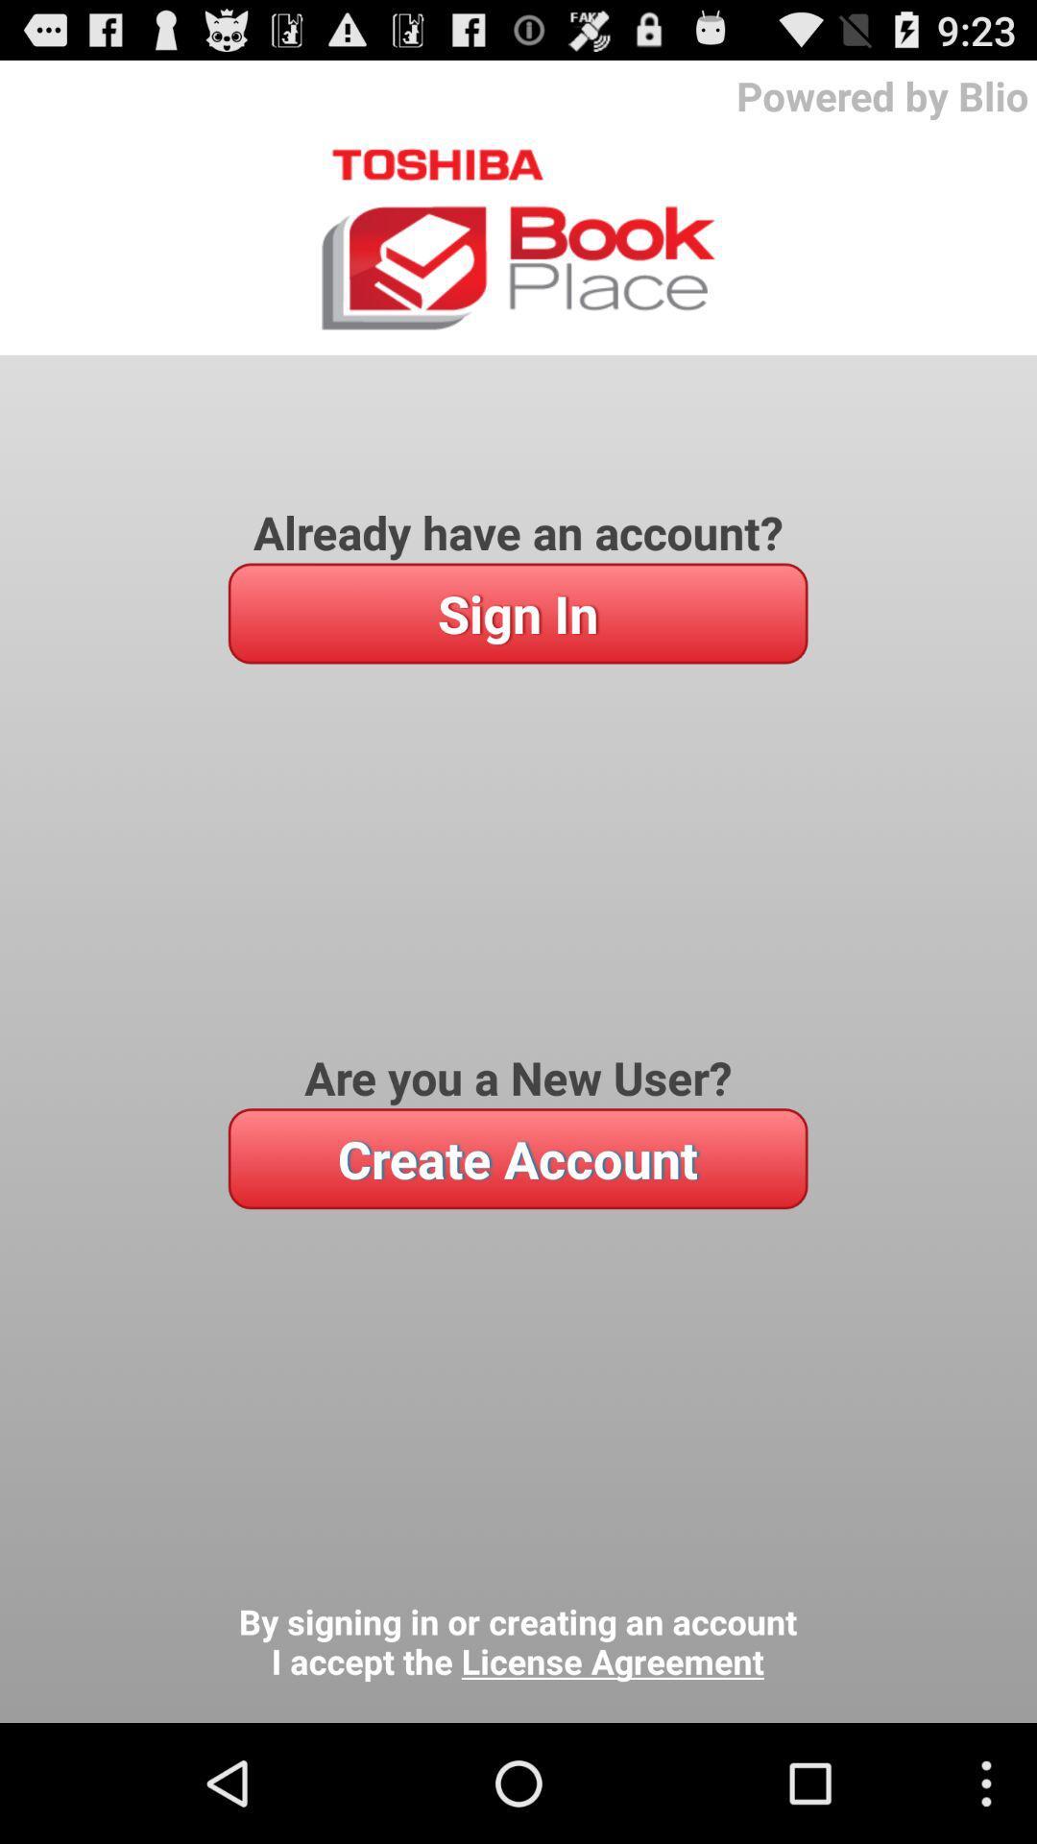 The width and height of the screenshot is (1037, 1844). Describe the element at coordinates (517, 1157) in the screenshot. I see `item below the are you a icon` at that location.